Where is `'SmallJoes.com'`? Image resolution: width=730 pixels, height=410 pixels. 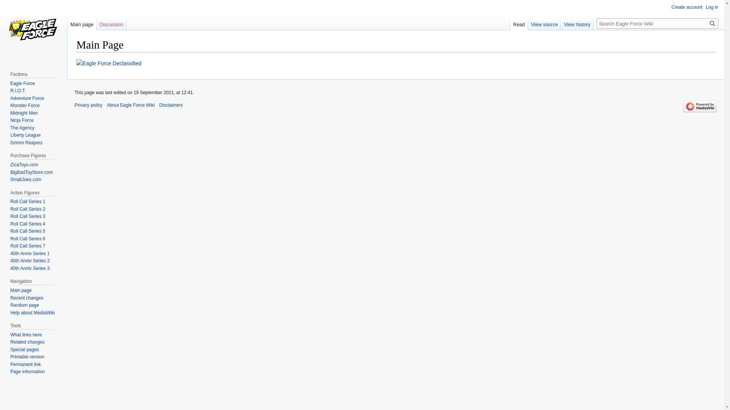
'SmallJoes.com' is located at coordinates (25, 180).